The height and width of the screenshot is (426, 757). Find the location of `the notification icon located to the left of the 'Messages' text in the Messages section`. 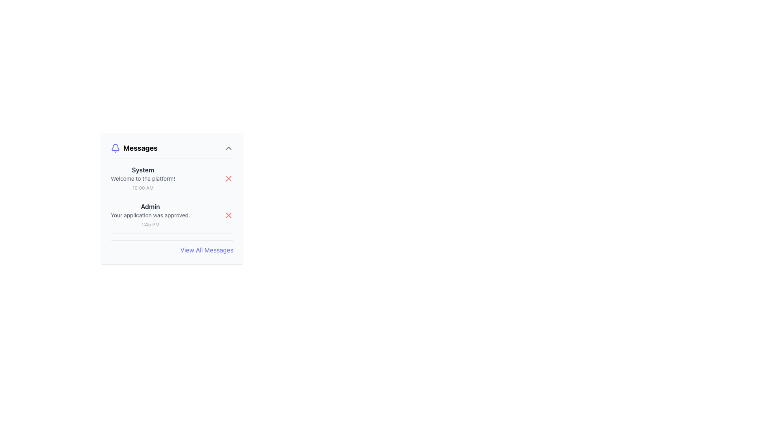

the notification icon located to the left of the 'Messages' text in the Messages section is located at coordinates (115, 148).